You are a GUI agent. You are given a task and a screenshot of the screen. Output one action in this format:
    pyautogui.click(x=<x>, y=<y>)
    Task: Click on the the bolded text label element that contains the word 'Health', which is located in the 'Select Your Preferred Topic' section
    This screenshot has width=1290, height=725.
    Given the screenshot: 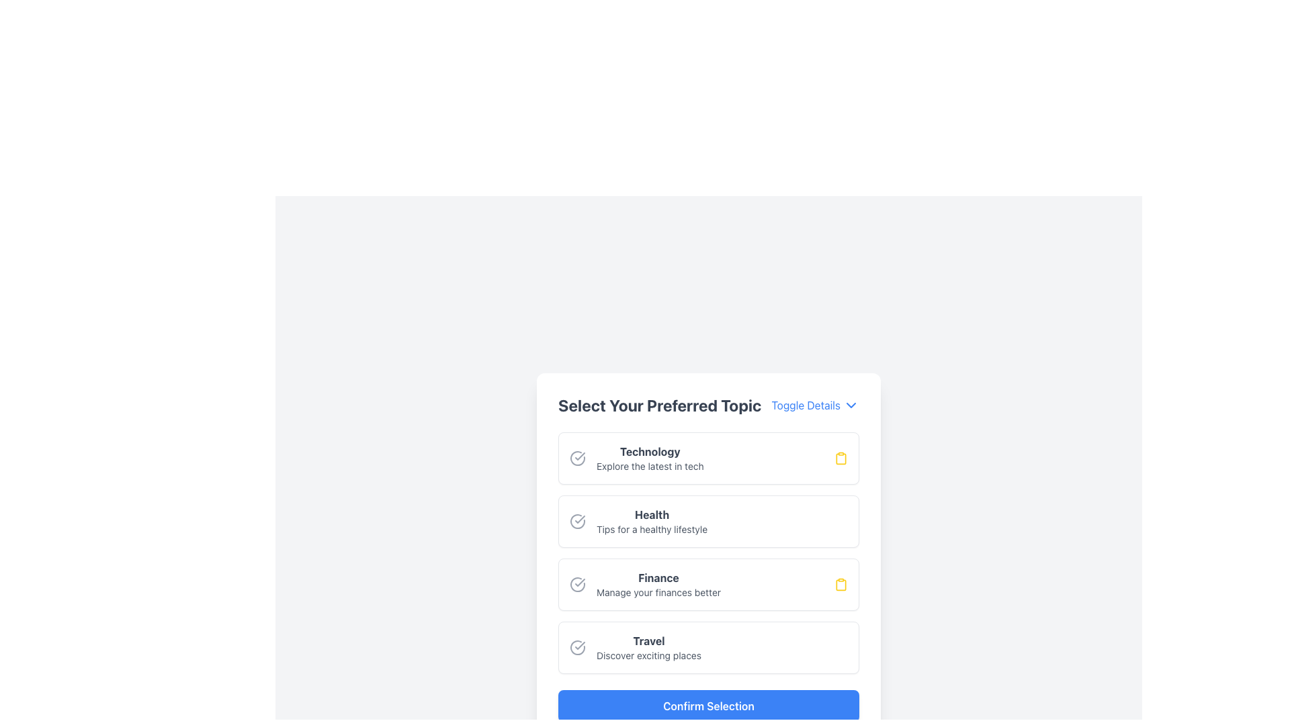 What is the action you would take?
    pyautogui.click(x=652, y=514)
    